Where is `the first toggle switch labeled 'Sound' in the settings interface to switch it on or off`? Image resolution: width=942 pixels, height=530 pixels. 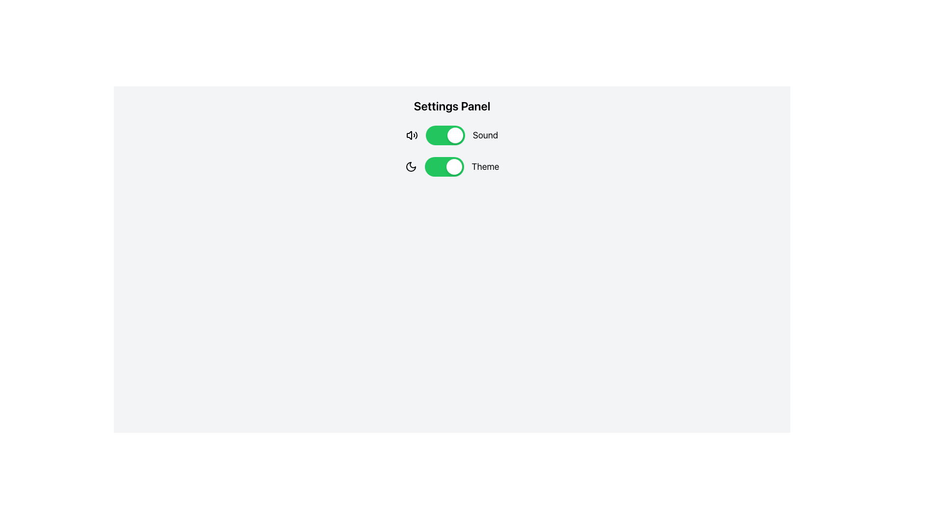
the first toggle switch labeled 'Sound' in the settings interface to switch it on or off is located at coordinates (461, 135).